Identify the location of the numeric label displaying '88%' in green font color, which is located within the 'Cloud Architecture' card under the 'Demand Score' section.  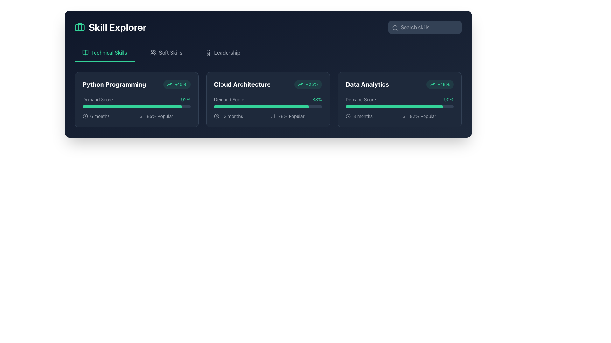
(317, 99).